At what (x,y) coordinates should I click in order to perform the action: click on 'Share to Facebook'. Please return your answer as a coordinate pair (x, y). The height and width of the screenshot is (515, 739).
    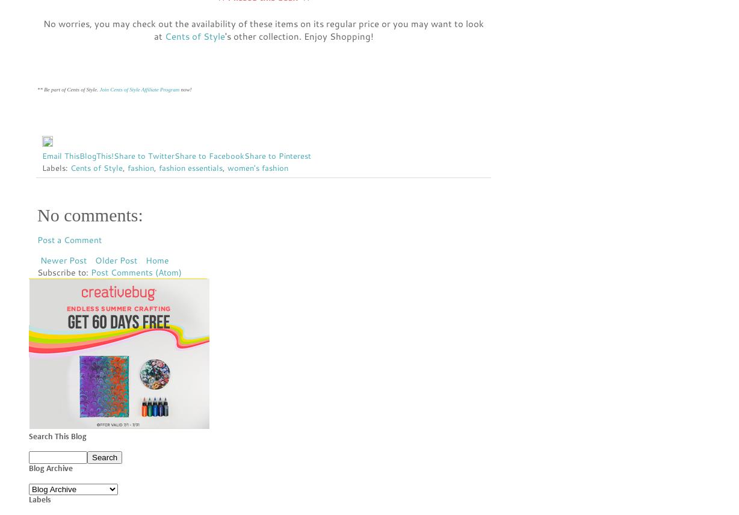
    Looking at the image, I should click on (209, 155).